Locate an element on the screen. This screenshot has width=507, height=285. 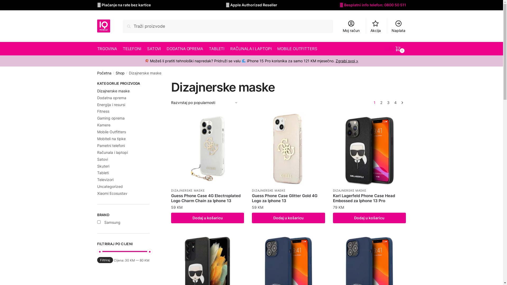
'DODATNA OPREMA' is located at coordinates (185, 49).